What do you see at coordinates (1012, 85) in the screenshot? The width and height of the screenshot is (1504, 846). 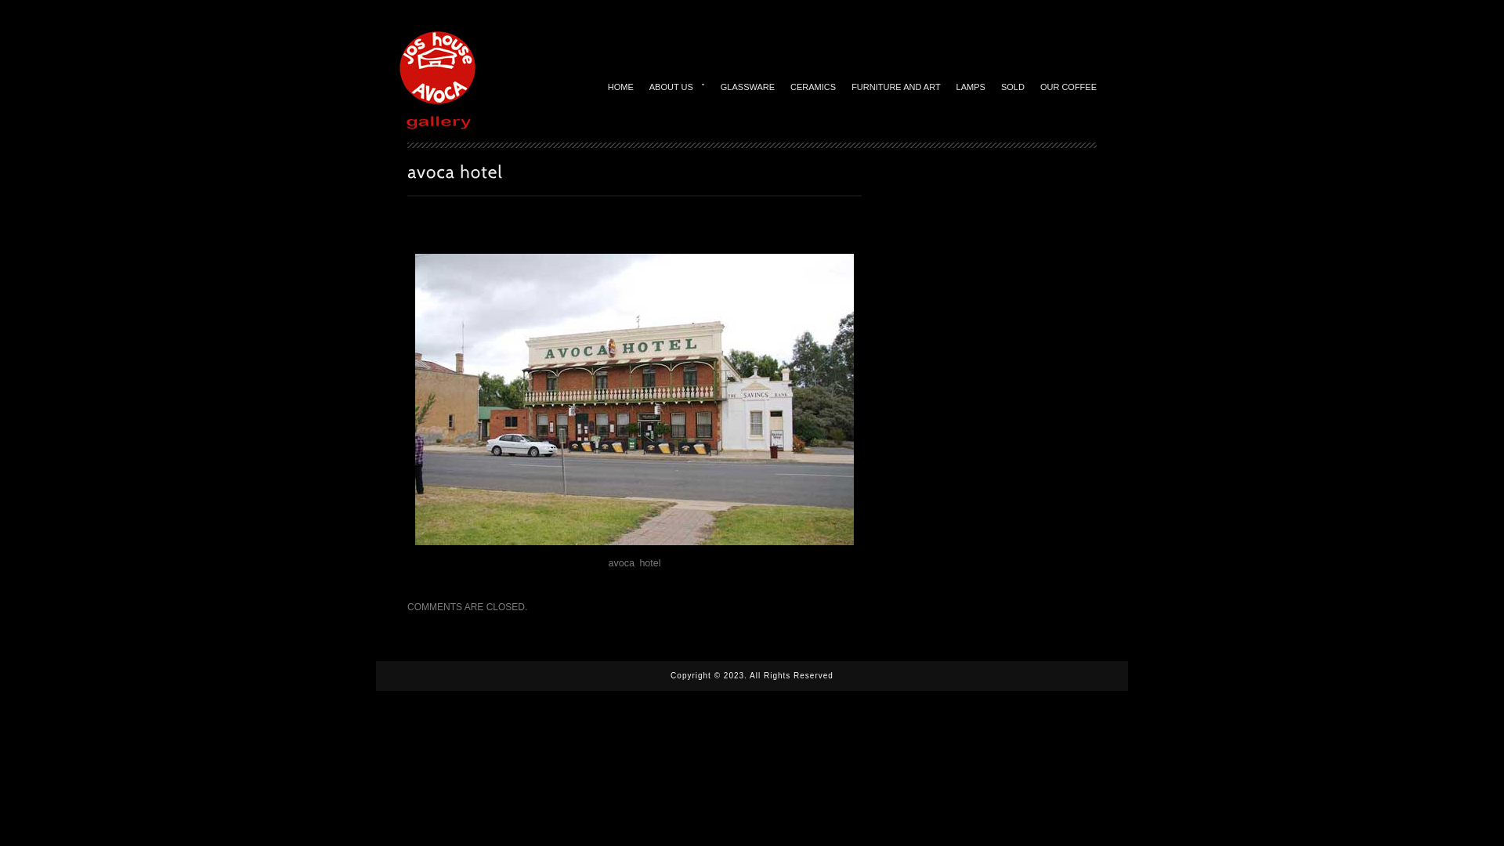 I see `'SOLD'` at bounding box center [1012, 85].